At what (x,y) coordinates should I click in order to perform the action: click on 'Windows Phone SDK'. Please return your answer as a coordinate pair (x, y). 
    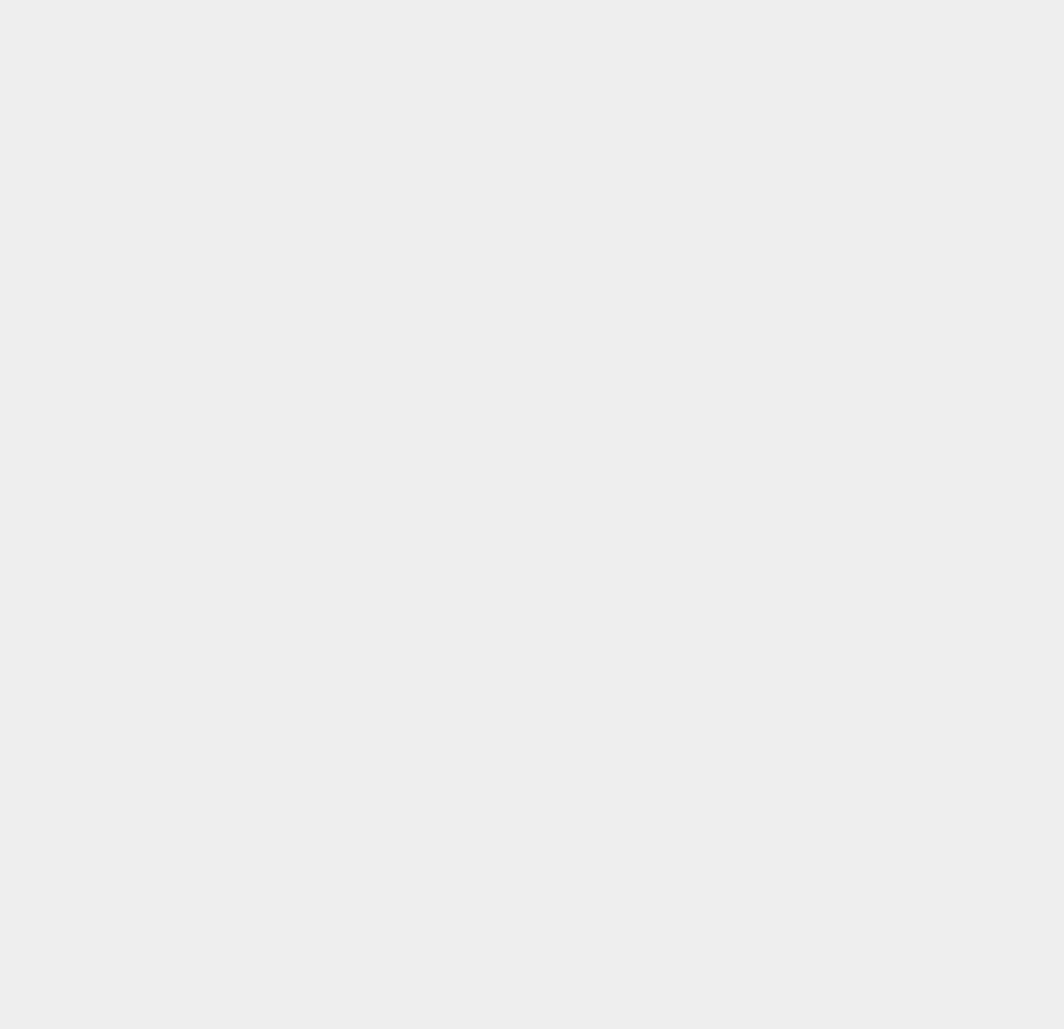
    Looking at the image, I should click on (813, 879).